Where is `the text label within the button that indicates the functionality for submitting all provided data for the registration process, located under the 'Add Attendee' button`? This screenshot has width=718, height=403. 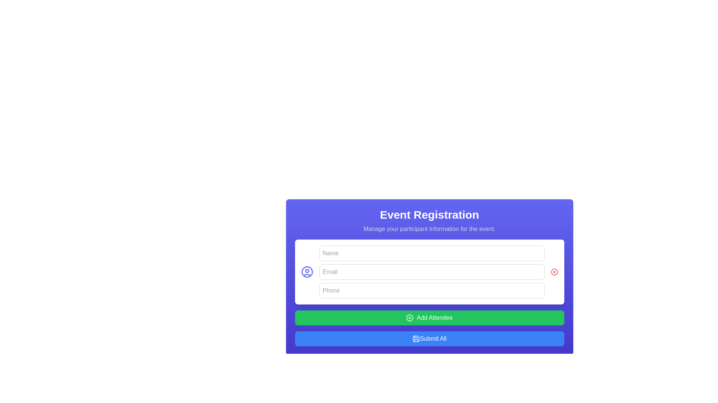 the text label within the button that indicates the functionality for submitting all provided data for the registration process, located under the 'Add Attendee' button is located at coordinates (433, 338).